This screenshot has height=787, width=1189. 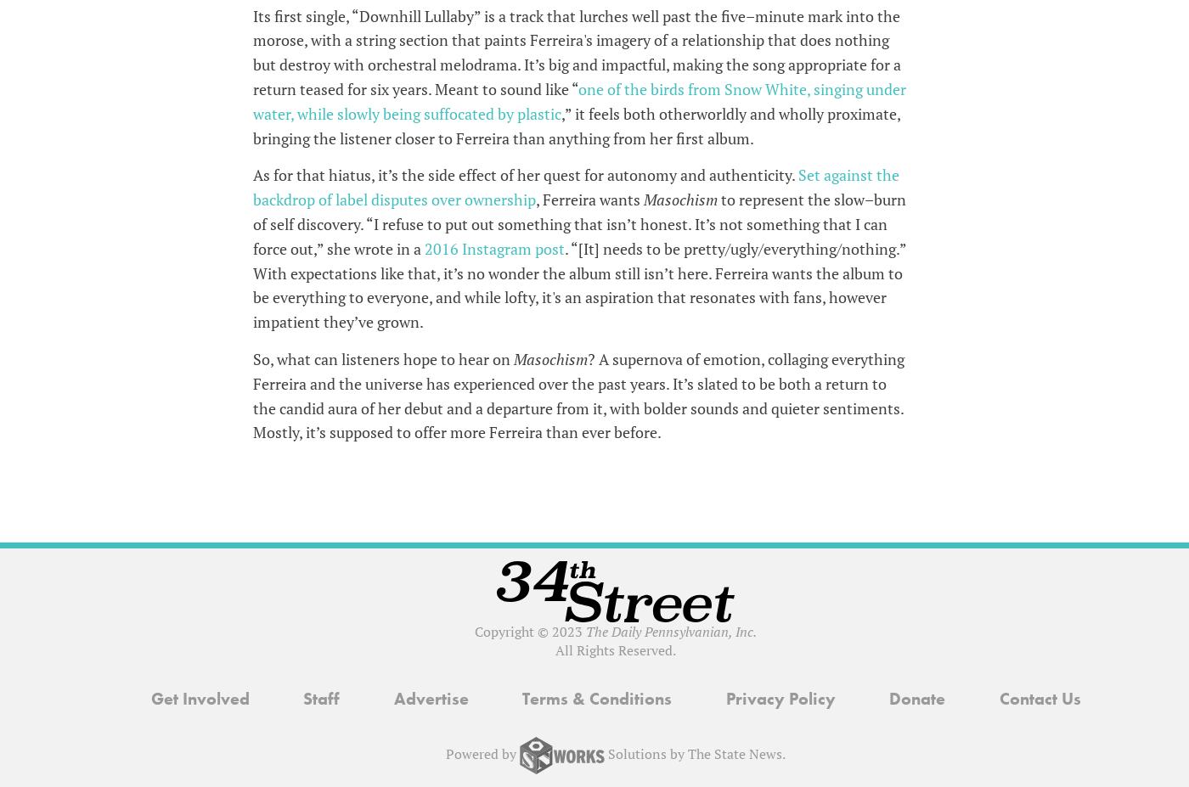 I want to click on 'Its first single, “Downhill Lullaby” is a track that lurches well past the five–minute mark into the morose, with a string section that paints Ferreira's imagery of a relationship that does nothing but destroy with orchestral melodrama. It’s big and impactful, making the song appropriate for a return teased for six years. Meant to sound like “', so click(x=576, y=50).